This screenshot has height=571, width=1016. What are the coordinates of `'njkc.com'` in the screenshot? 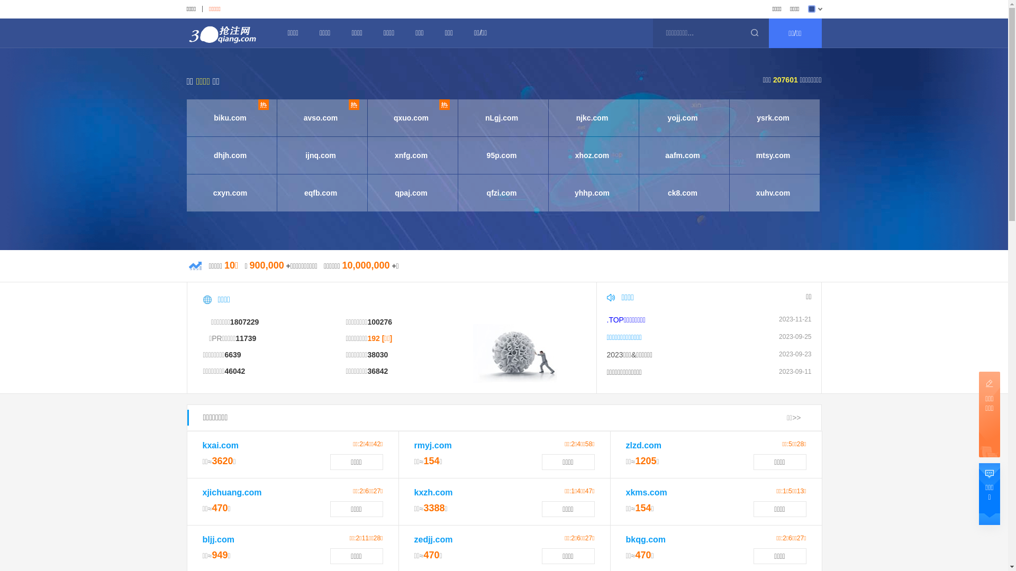 It's located at (553, 118).